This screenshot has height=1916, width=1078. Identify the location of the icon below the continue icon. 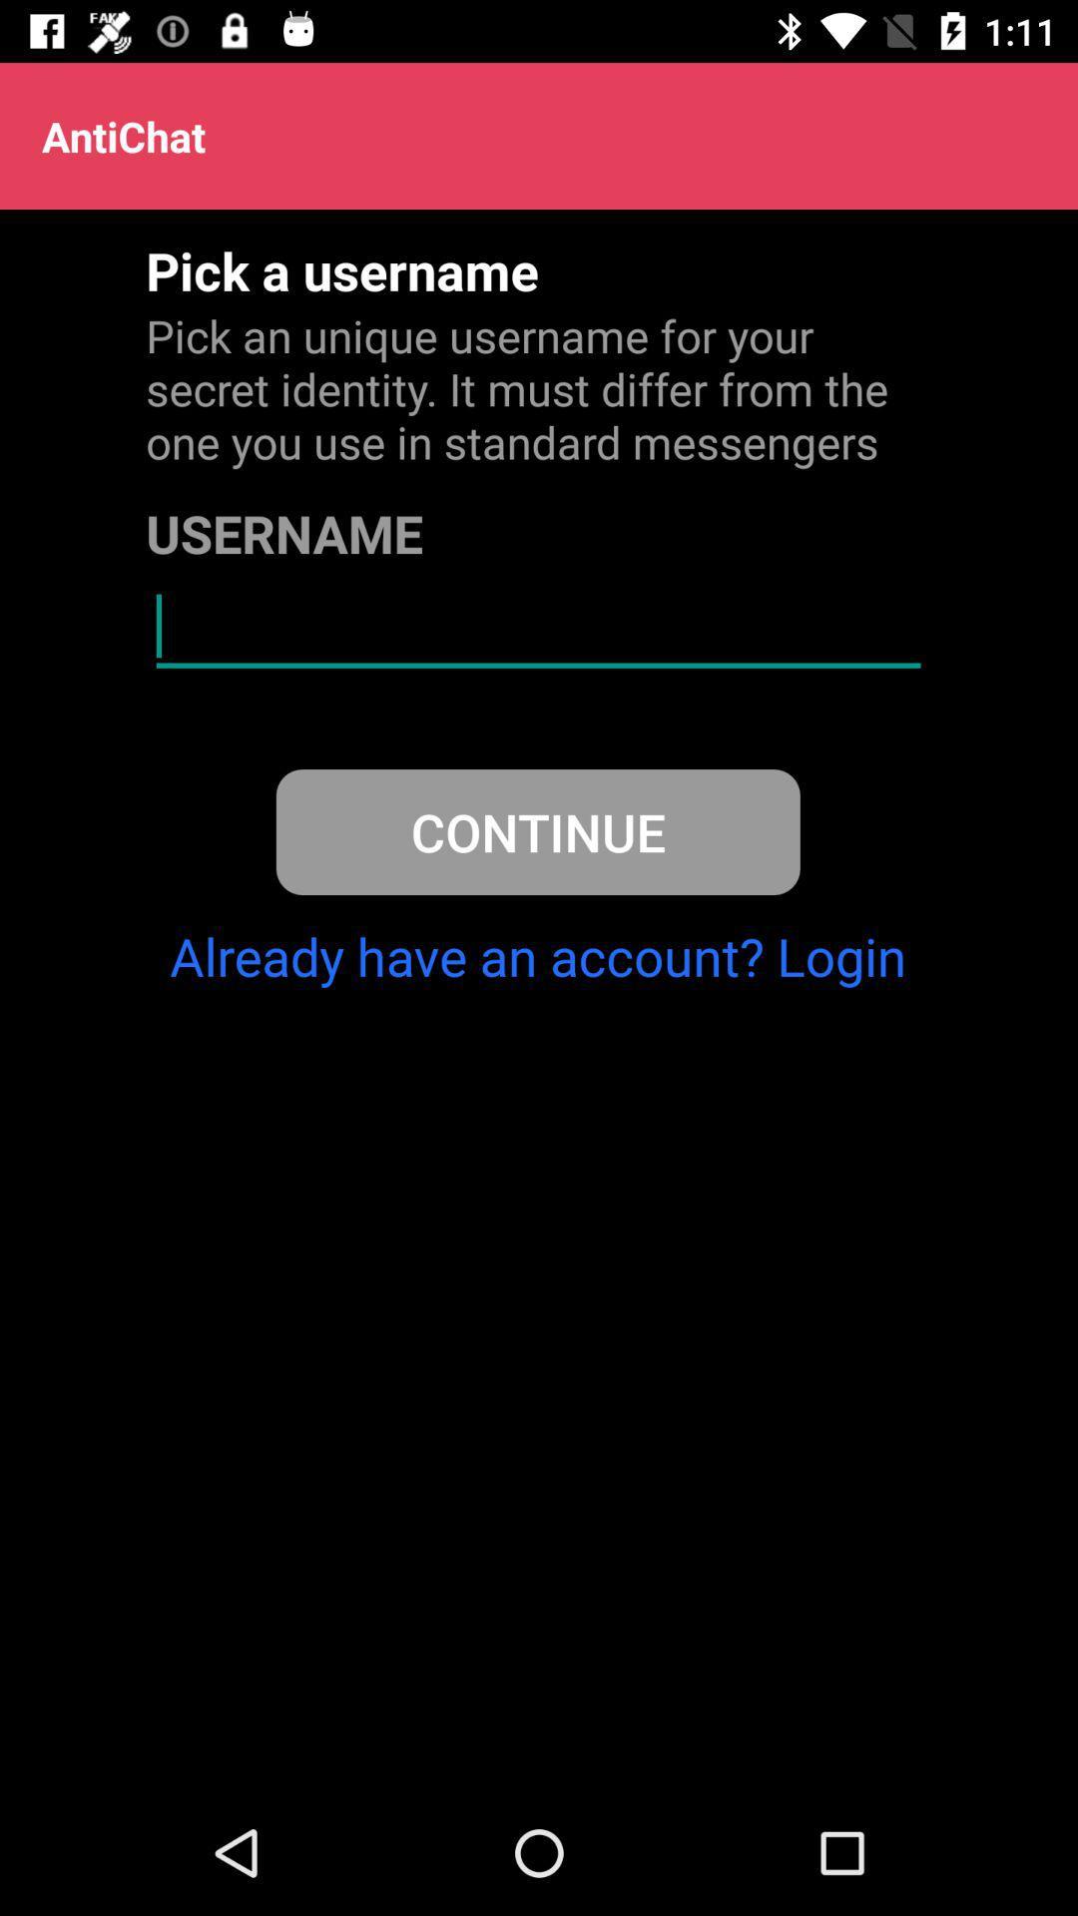
(537, 955).